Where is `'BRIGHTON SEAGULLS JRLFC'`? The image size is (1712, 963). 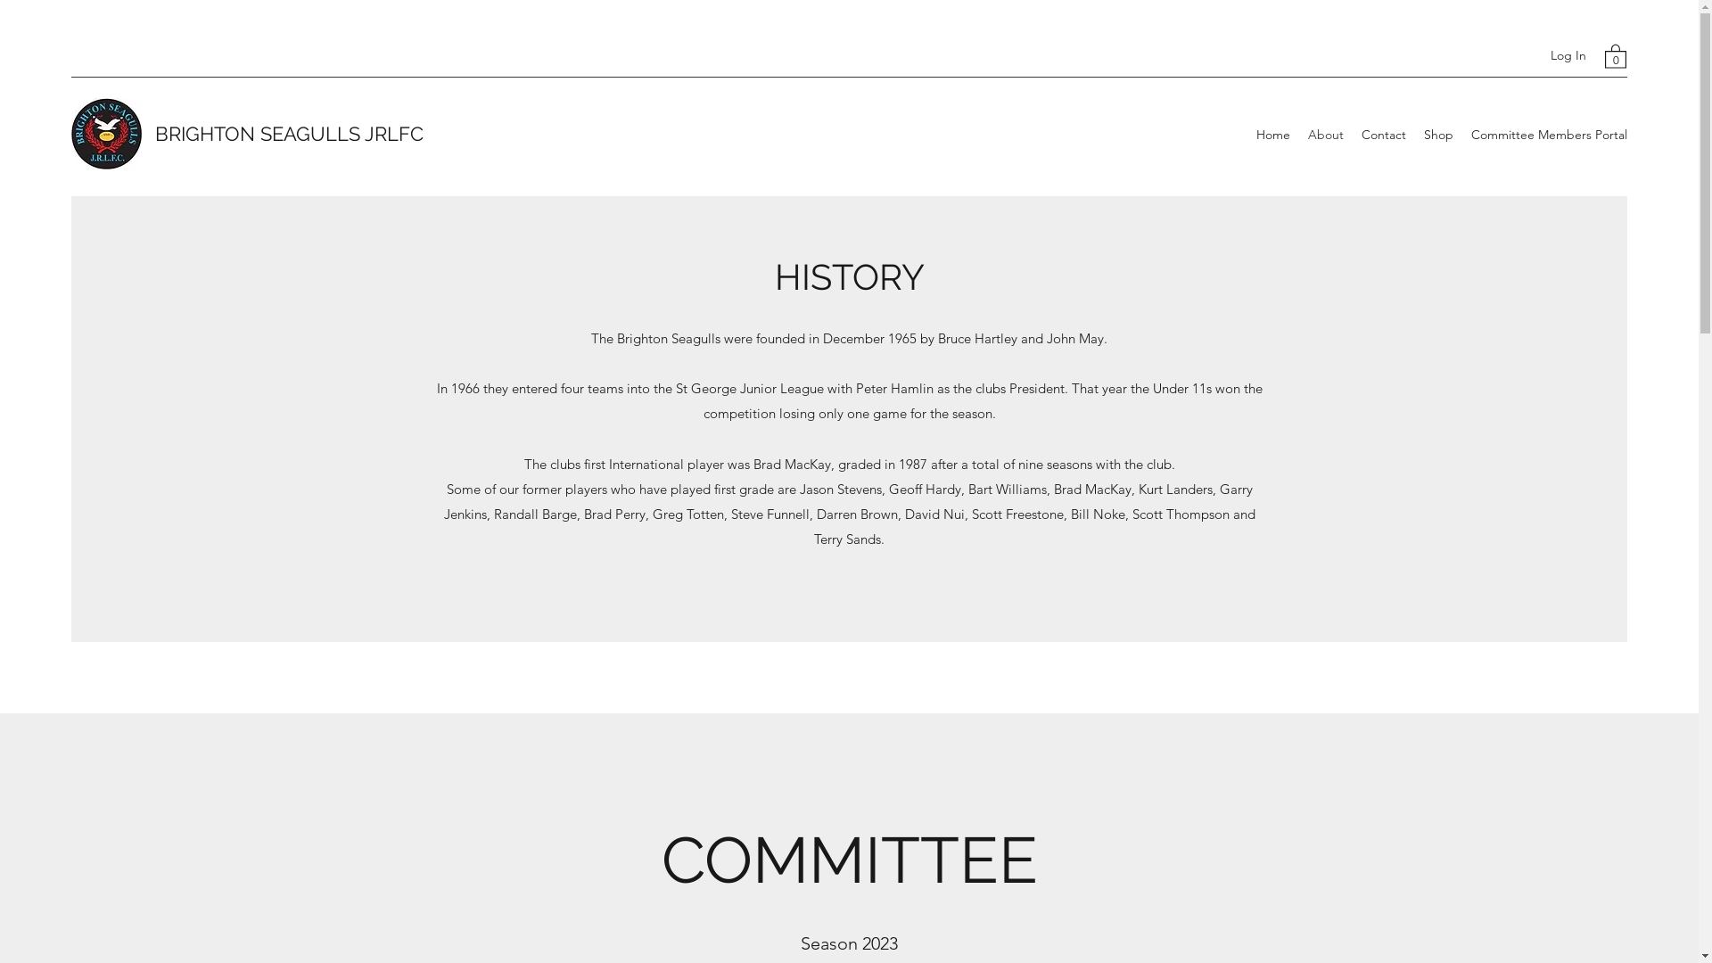
'BRIGHTON SEAGULLS JRLFC' is located at coordinates (289, 133).